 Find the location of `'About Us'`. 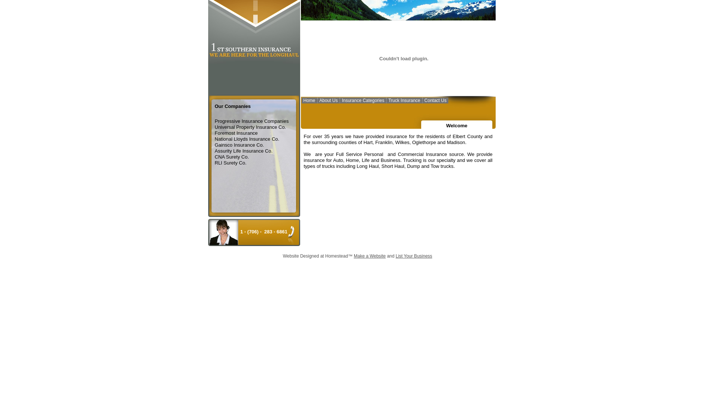

'About Us' is located at coordinates (318, 101).